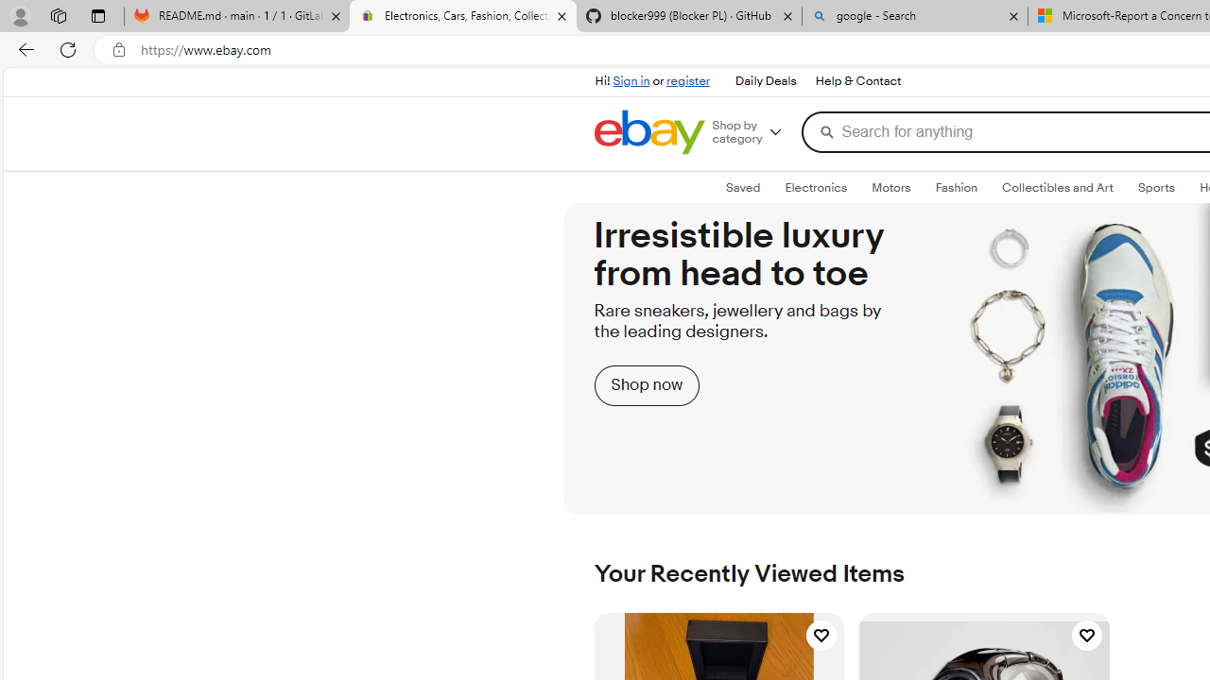  Describe the element at coordinates (766, 81) in the screenshot. I see `'Daily Deals'` at that location.